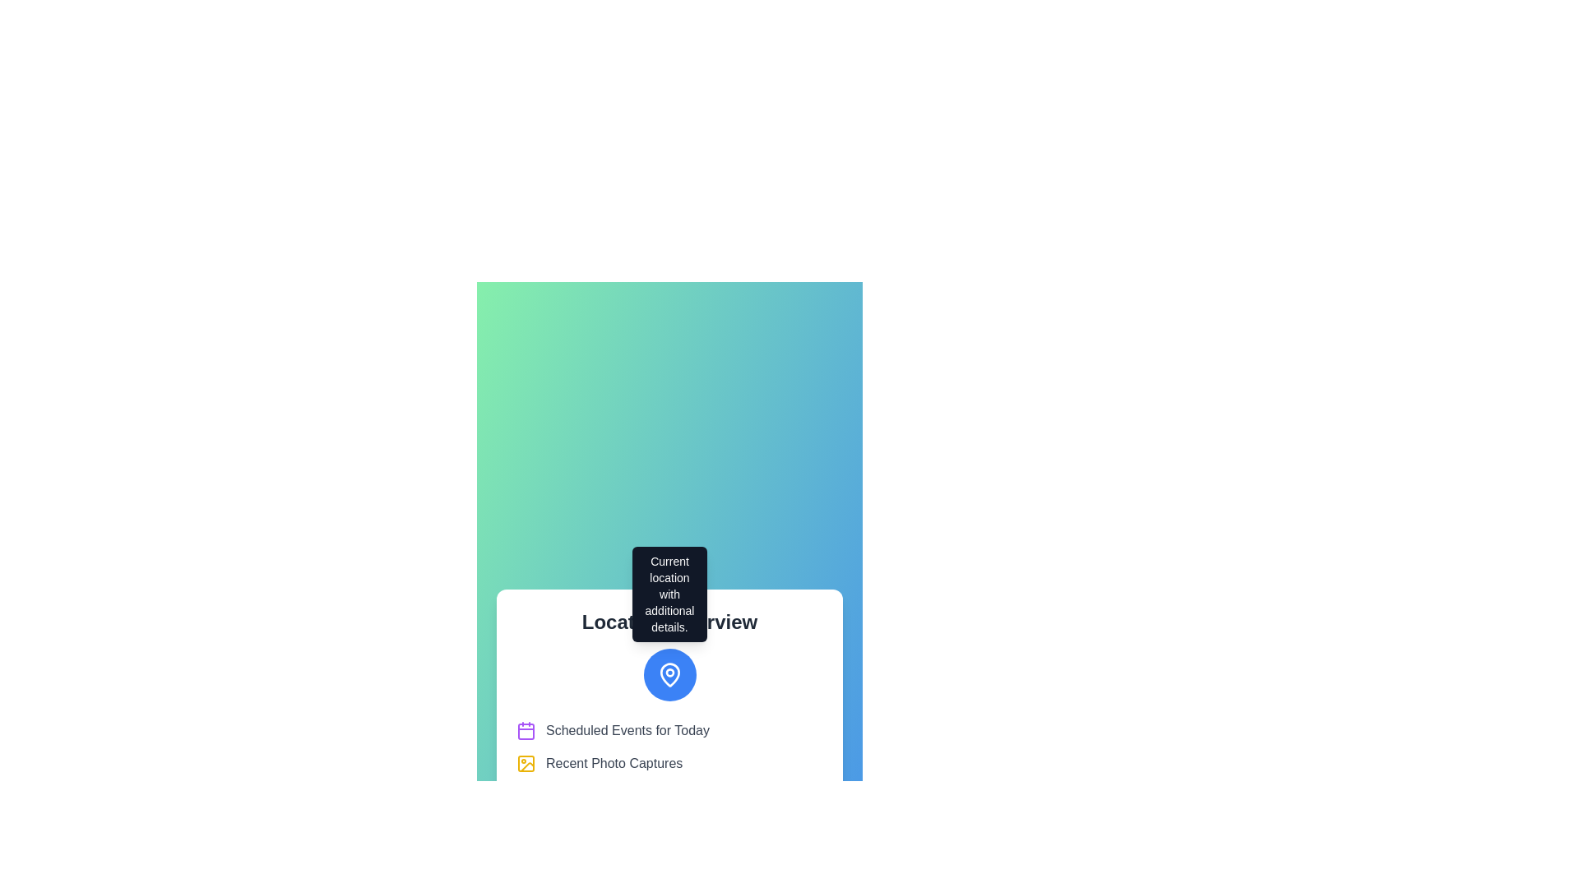 The width and height of the screenshot is (1579, 888). Describe the element at coordinates (525, 764) in the screenshot. I see `the non-interactive icon indicating association with photos, located immediately to the left of the text 'Recent Photo Captures'` at that location.